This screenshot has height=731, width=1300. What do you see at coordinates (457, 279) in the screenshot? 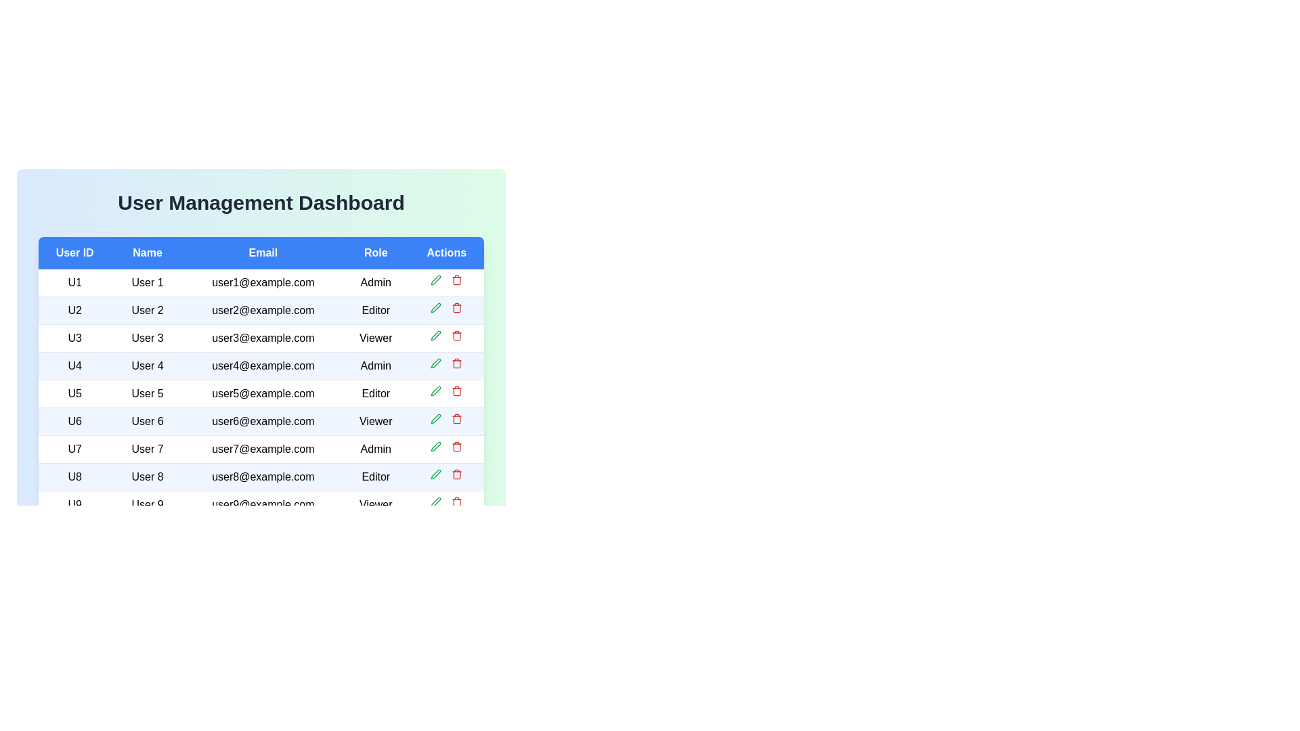
I see `delete button for the user with ID U1` at bounding box center [457, 279].